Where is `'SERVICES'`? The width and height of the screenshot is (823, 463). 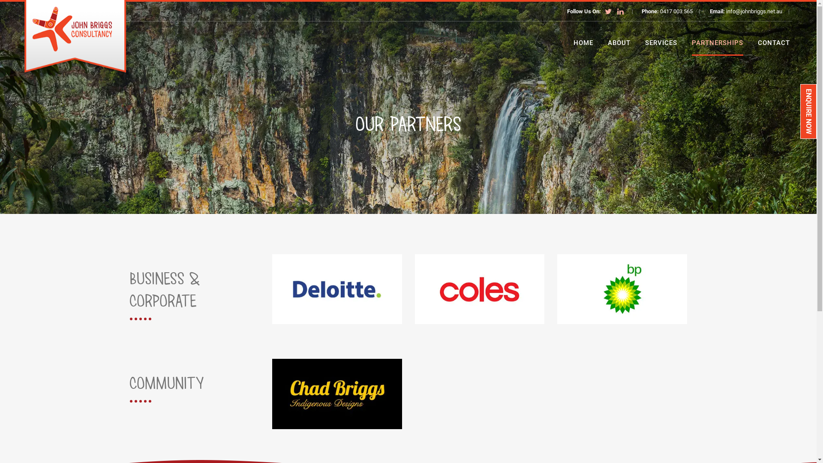
'SERVICES' is located at coordinates (661, 43).